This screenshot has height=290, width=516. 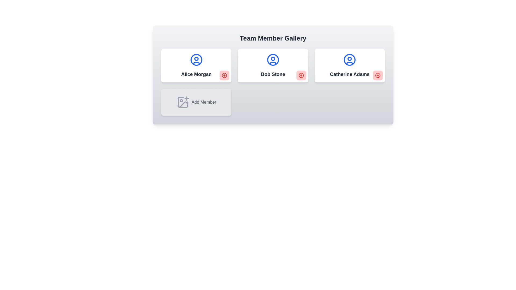 I want to click on the gray icon with a plus sign located at the top left of the 'Add Member' button, so click(x=183, y=102).